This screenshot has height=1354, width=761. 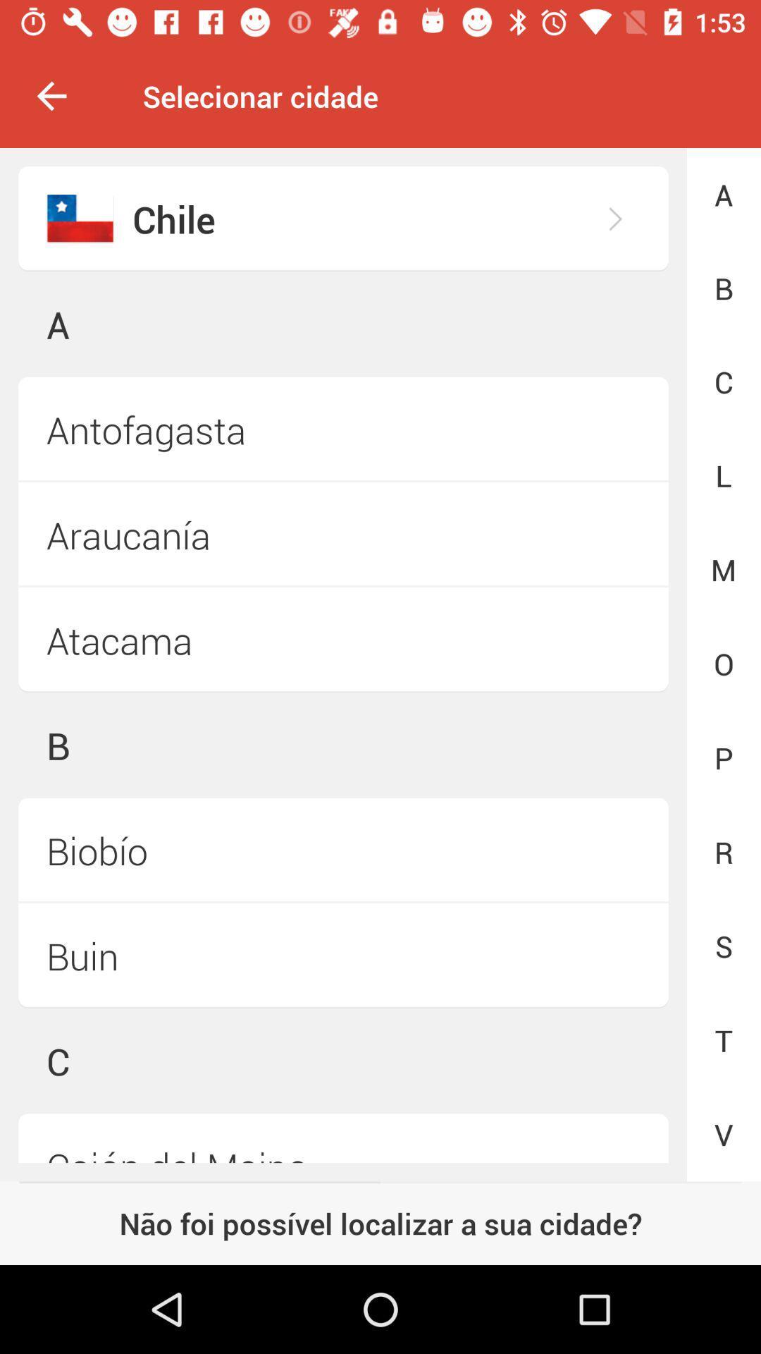 What do you see at coordinates (343, 956) in the screenshot?
I see `icon next to r` at bounding box center [343, 956].